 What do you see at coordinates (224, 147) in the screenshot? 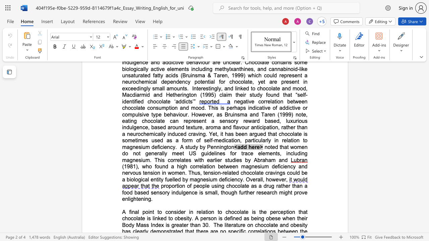
I see `the space between the continuous character "n" and "g" in the text` at bounding box center [224, 147].